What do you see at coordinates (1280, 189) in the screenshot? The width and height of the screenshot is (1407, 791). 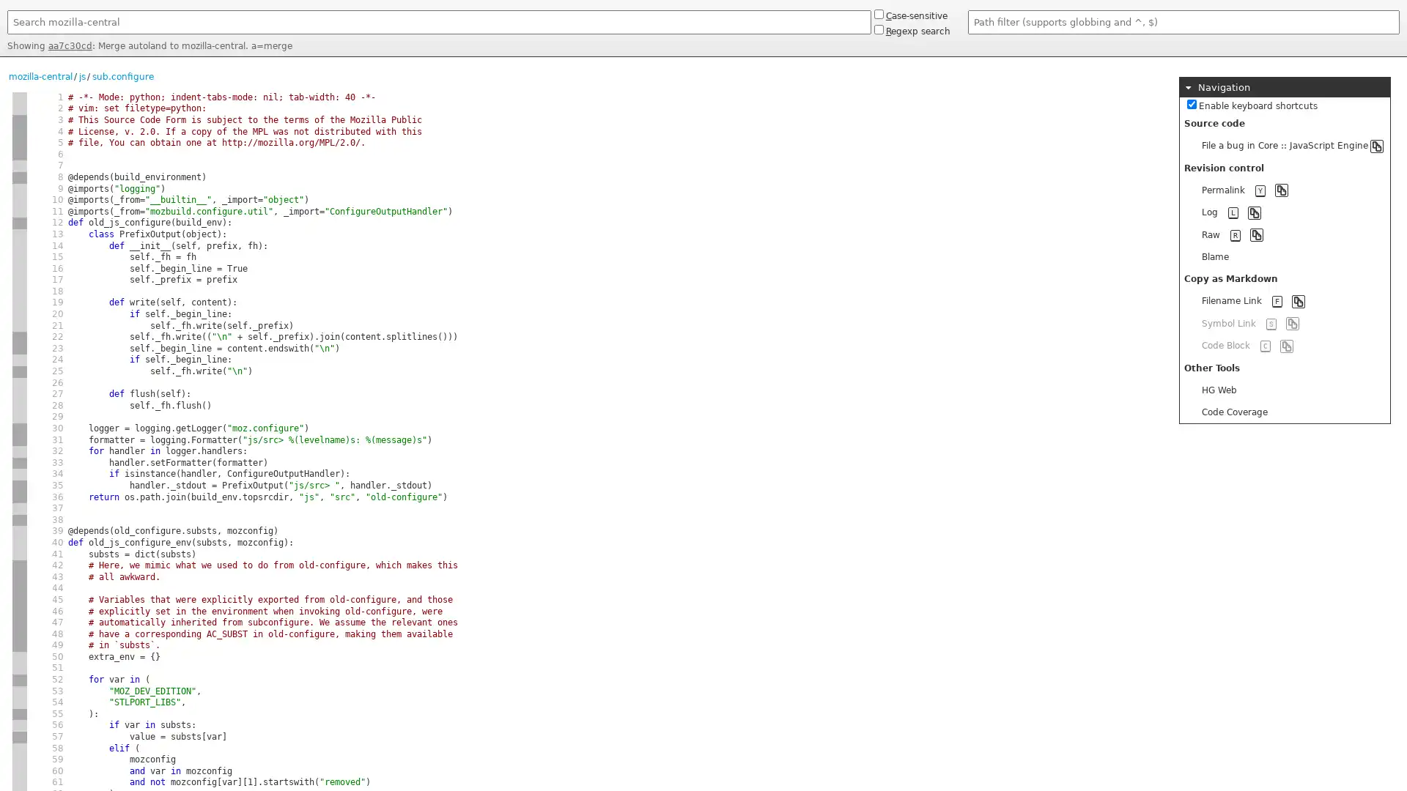 I see `Copy to clipboard` at bounding box center [1280, 189].